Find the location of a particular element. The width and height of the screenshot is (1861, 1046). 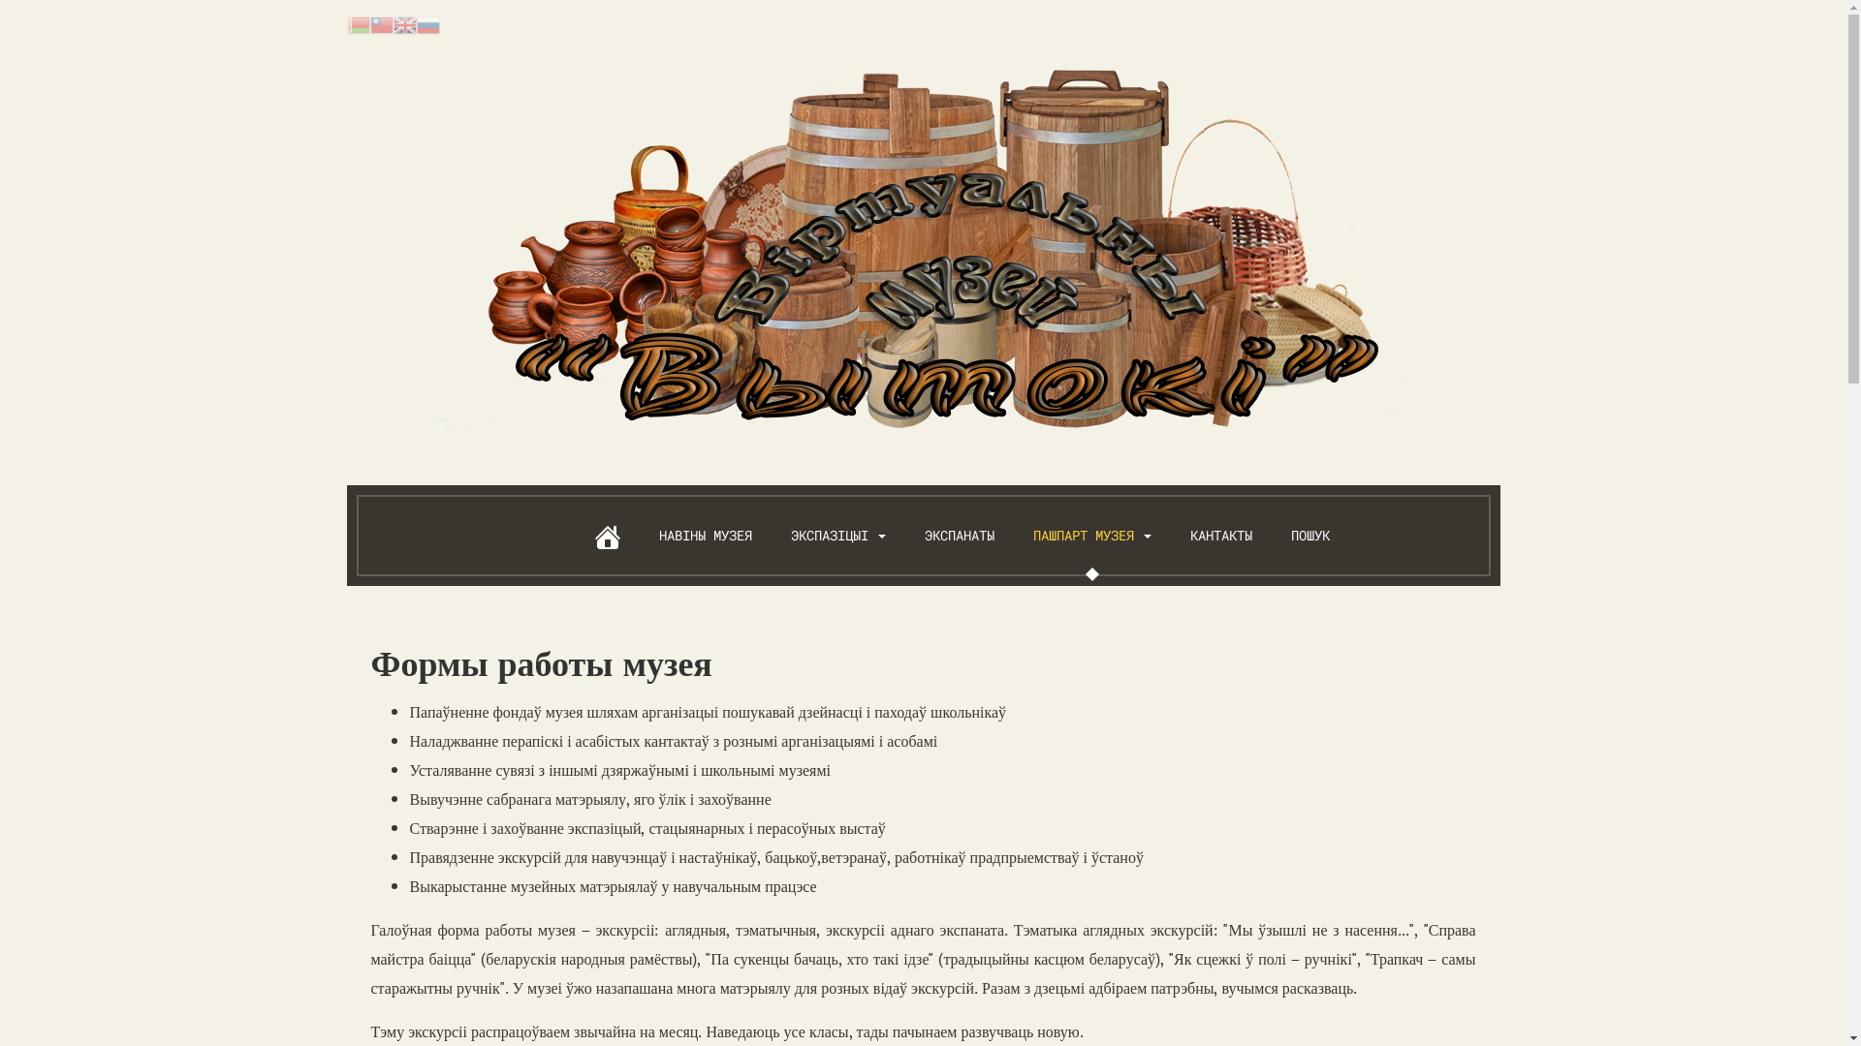

'Chinese (Traditional)' is located at coordinates (370, 23).